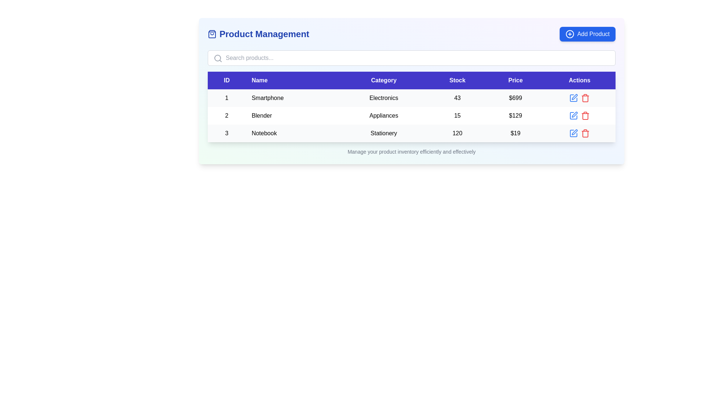 The width and height of the screenshot is (706, 397). Describe the element at coordinates (383, 133) in the screenshot. I see `the 'Stationery' text label located in the third row and third column of the table, which displays the word 'Stationery' in black color` at that location.